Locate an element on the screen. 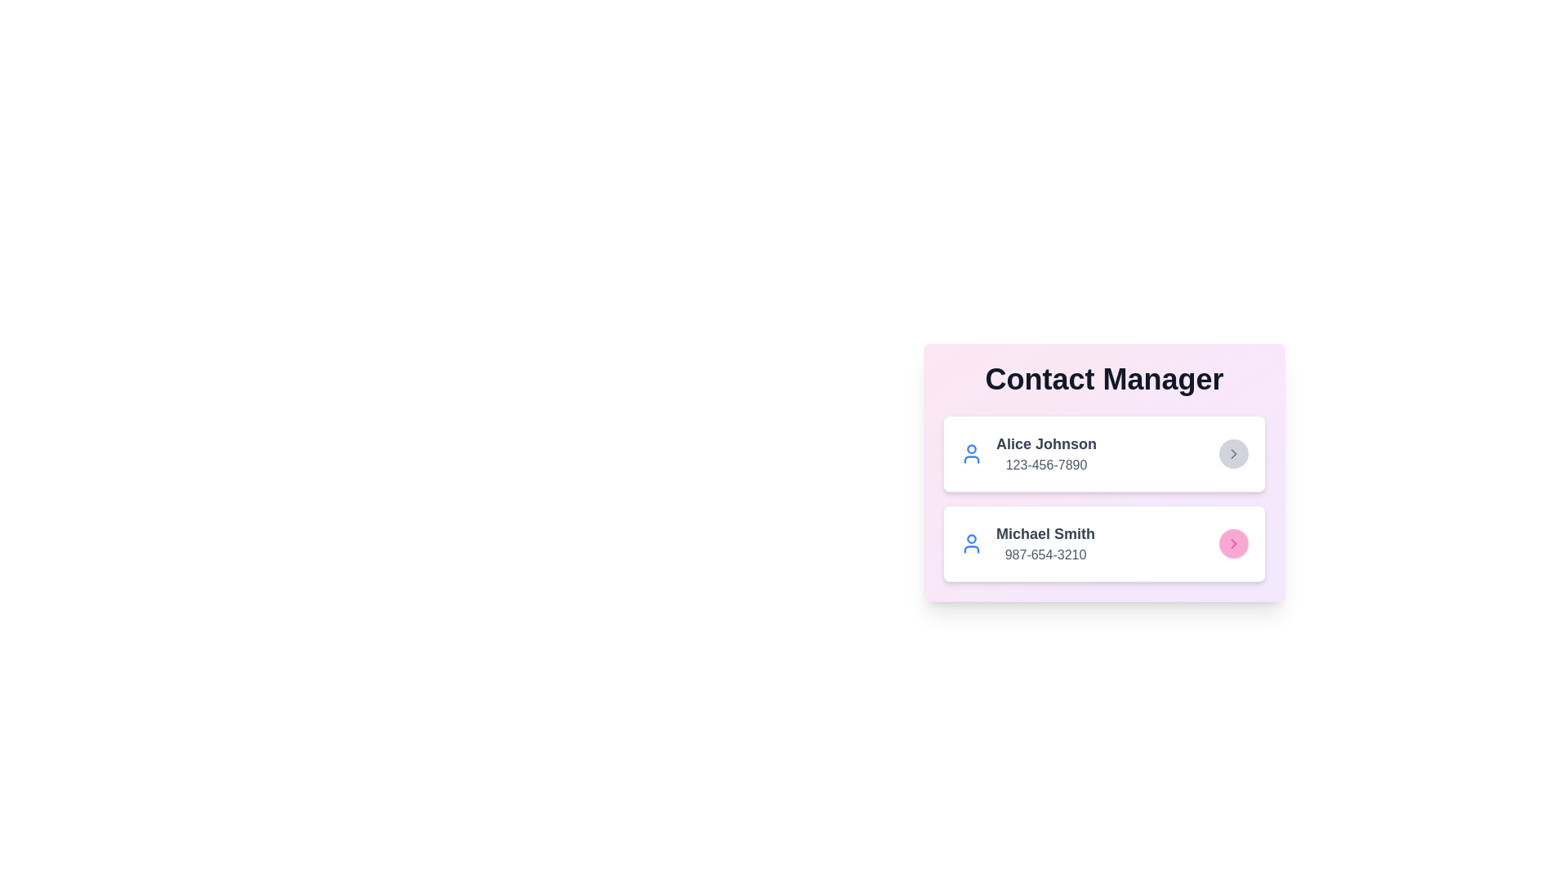  the phone number of the contact by clicking on the text area of the phone number for Michael Smith is located at coordinates (1045, 554).